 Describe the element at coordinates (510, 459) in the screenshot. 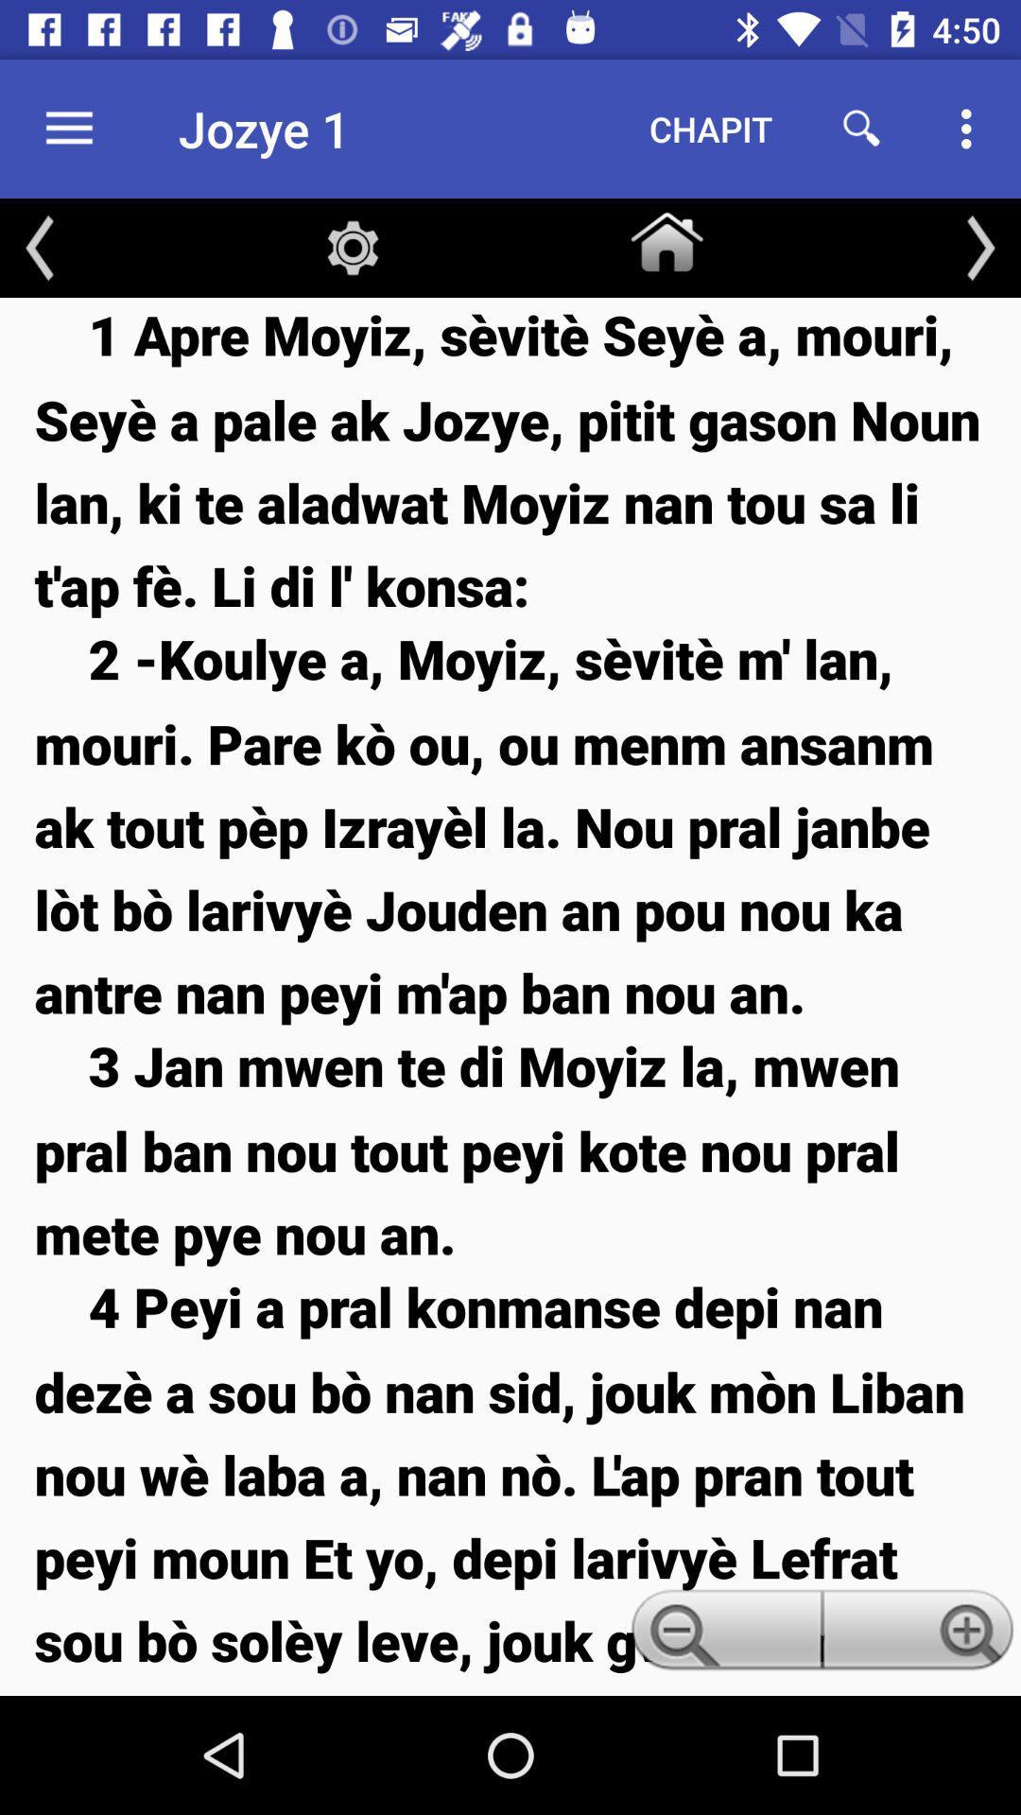

I see `1 apre moyiz item` at that location.